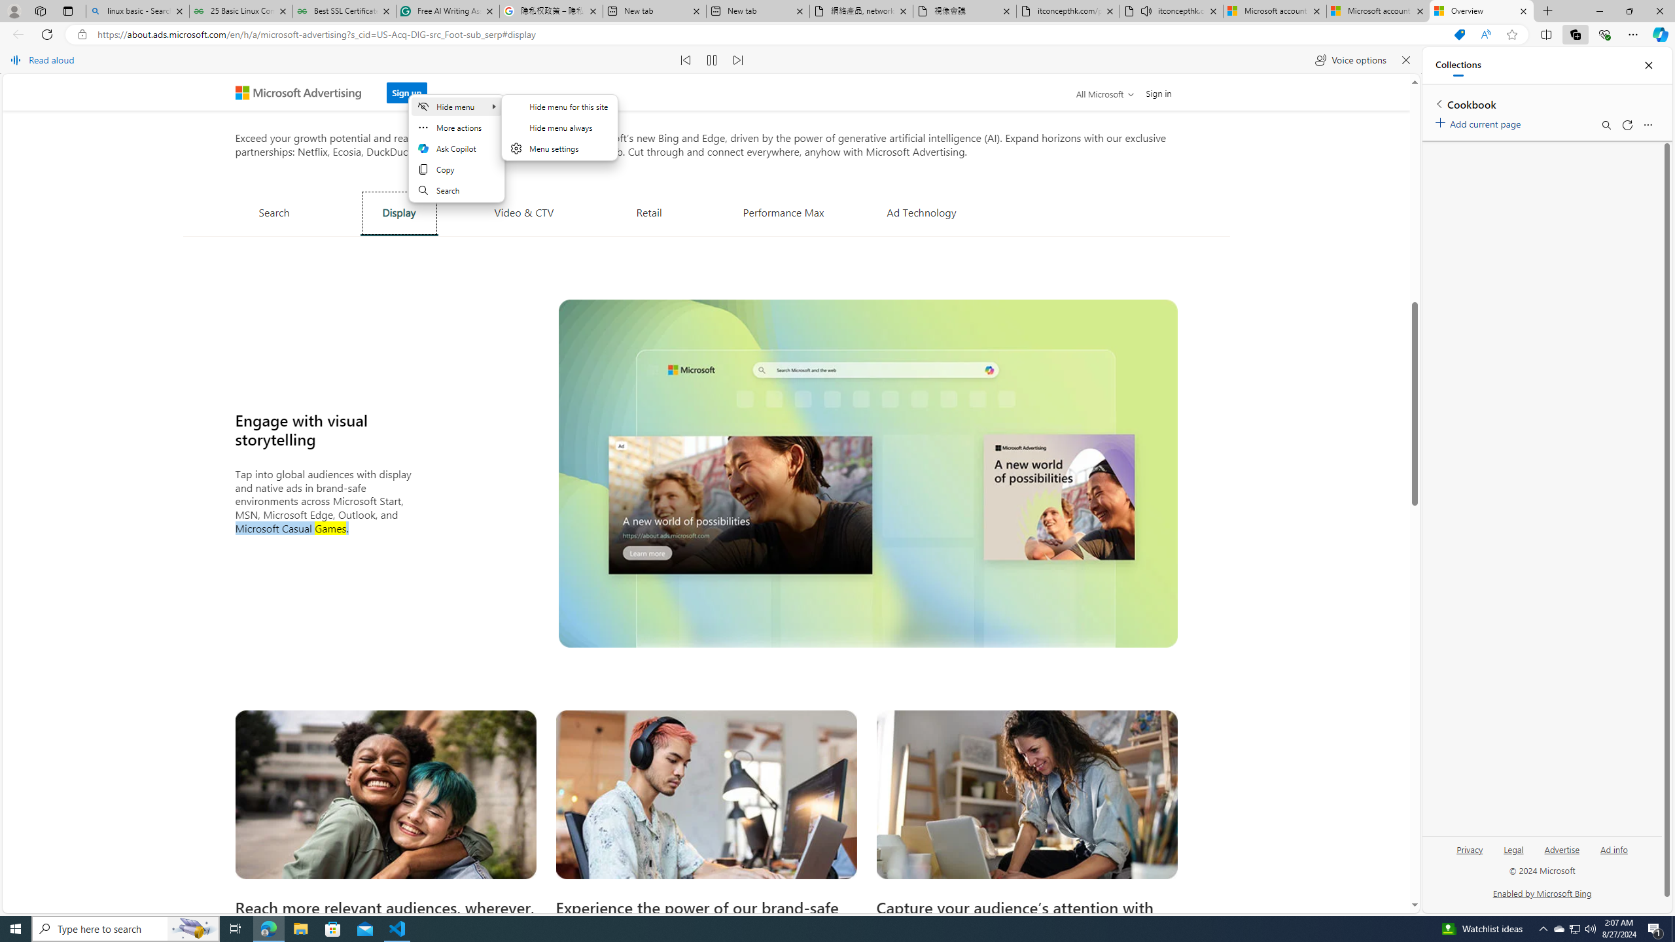  I want to click on 'Read previous paragraph', so click(686, 60).